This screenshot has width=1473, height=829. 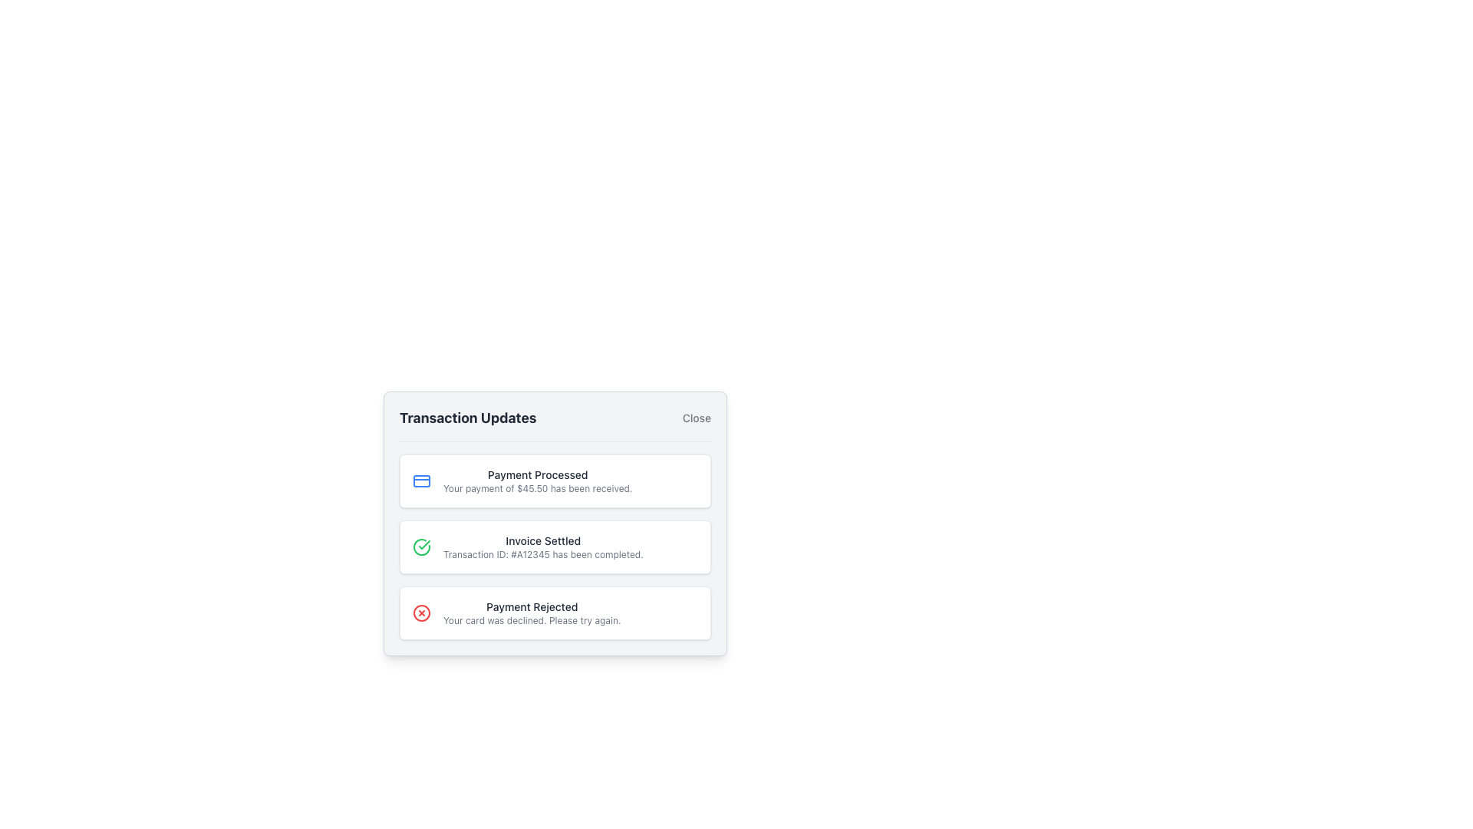 I want to click on the Notification Card that informs the user about the successful settlement of the invoice associated with transaction ID #A12345, located in the 'Transaction Updates' section, so click(x=555, y=547).